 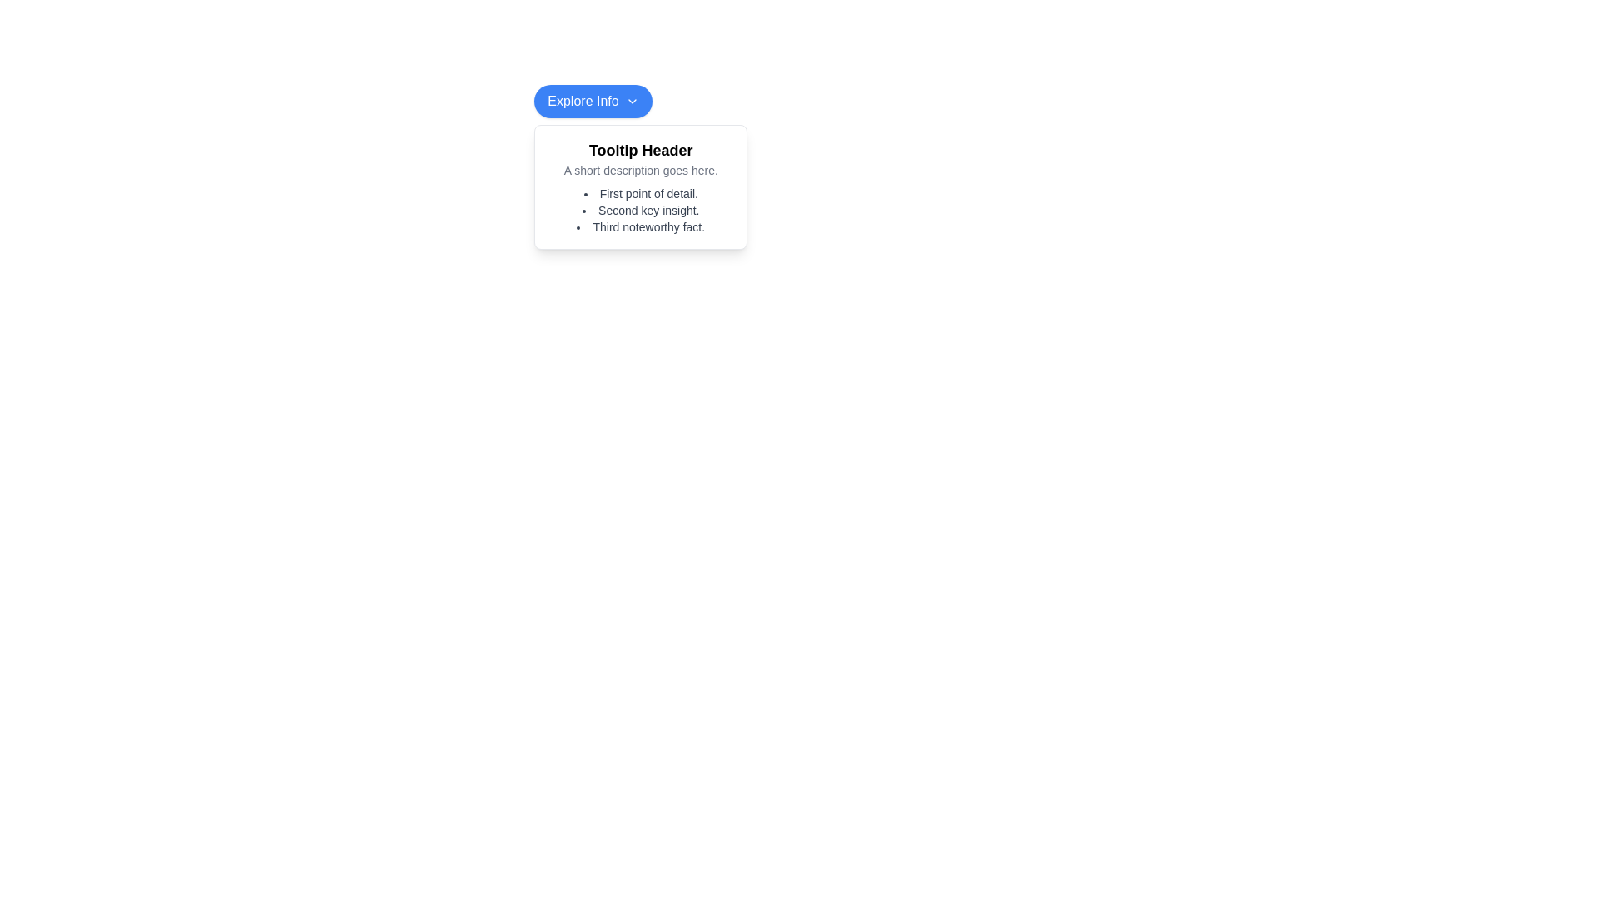 What do you see at coordinates (631, 102) in the screenshot?
I see `the chevron-down icon located at the right side of the 'Explore Info' button, which is centered vertically within the button` at bounding box center [631, 102].